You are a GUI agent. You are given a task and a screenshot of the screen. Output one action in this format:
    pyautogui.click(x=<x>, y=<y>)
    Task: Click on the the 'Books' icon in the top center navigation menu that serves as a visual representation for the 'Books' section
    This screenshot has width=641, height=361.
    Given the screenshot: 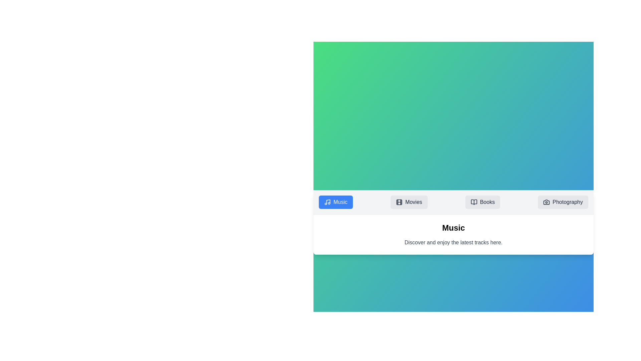 What is the action you would take?
    pyautogui.click(x=473, y=202)
    